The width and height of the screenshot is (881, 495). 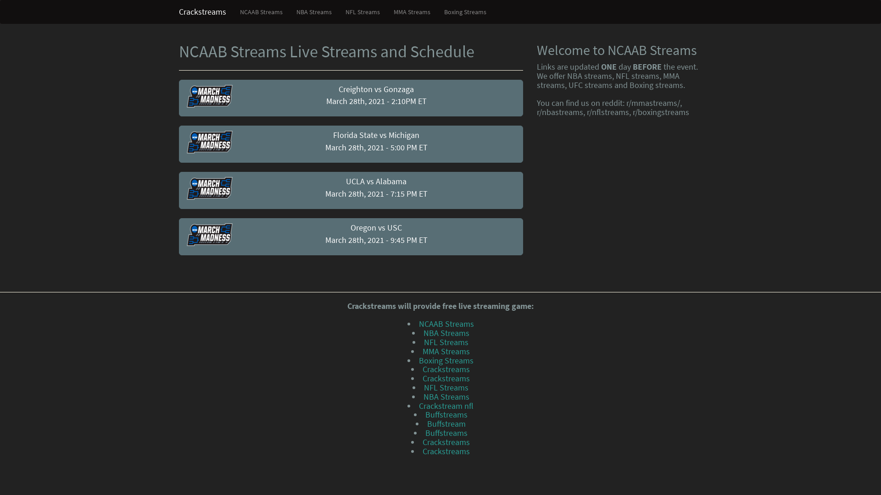 I want to click on 'NBA Streams', so click(x=446, y=396).